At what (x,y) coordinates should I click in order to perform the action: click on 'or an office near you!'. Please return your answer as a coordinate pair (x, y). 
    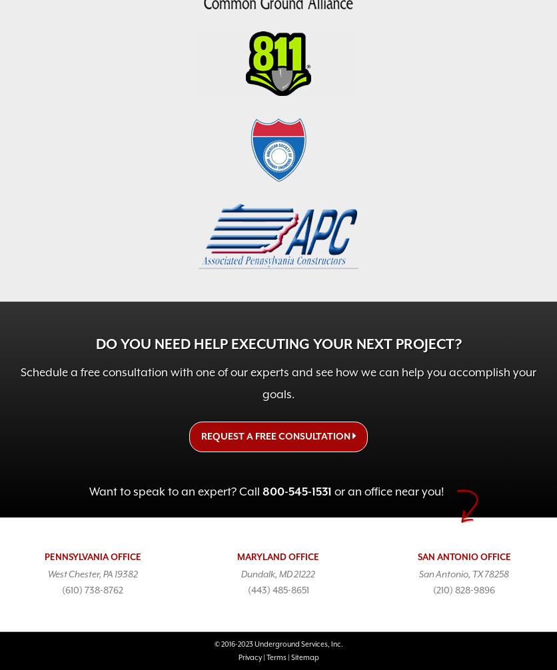
    Looking at the image, I should click on (387, 490).